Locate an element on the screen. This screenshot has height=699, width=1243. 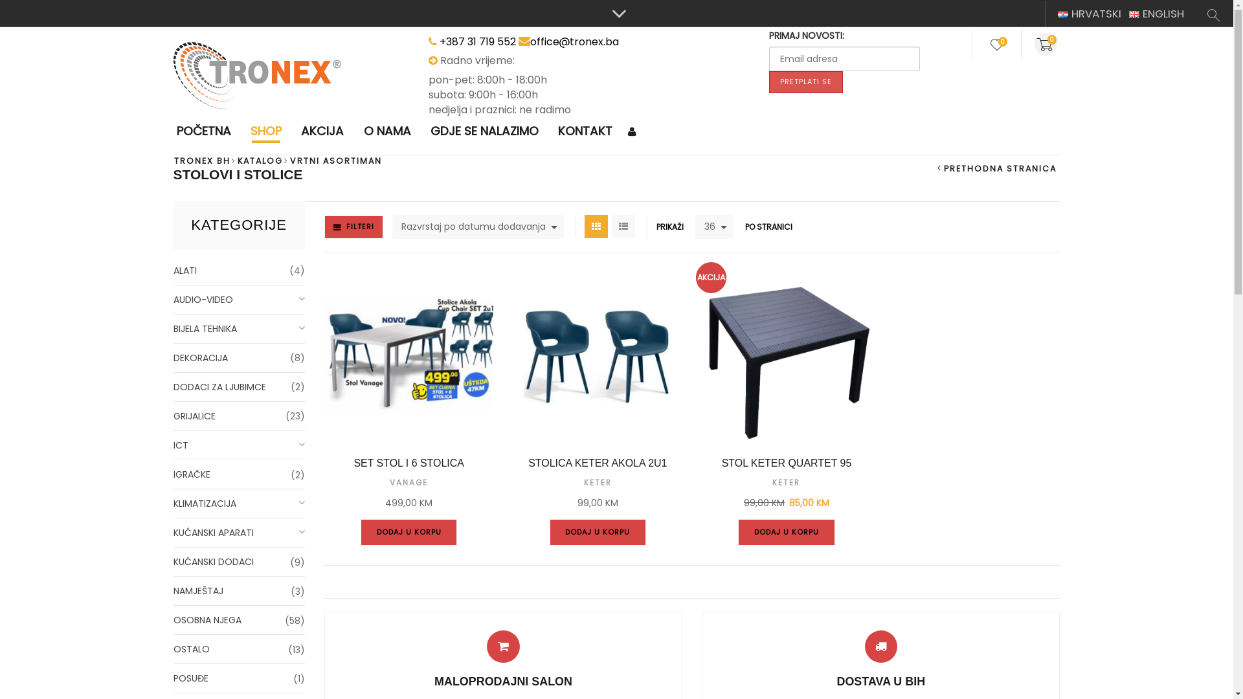
'OSTALO' is located at coordinates (239, 649).